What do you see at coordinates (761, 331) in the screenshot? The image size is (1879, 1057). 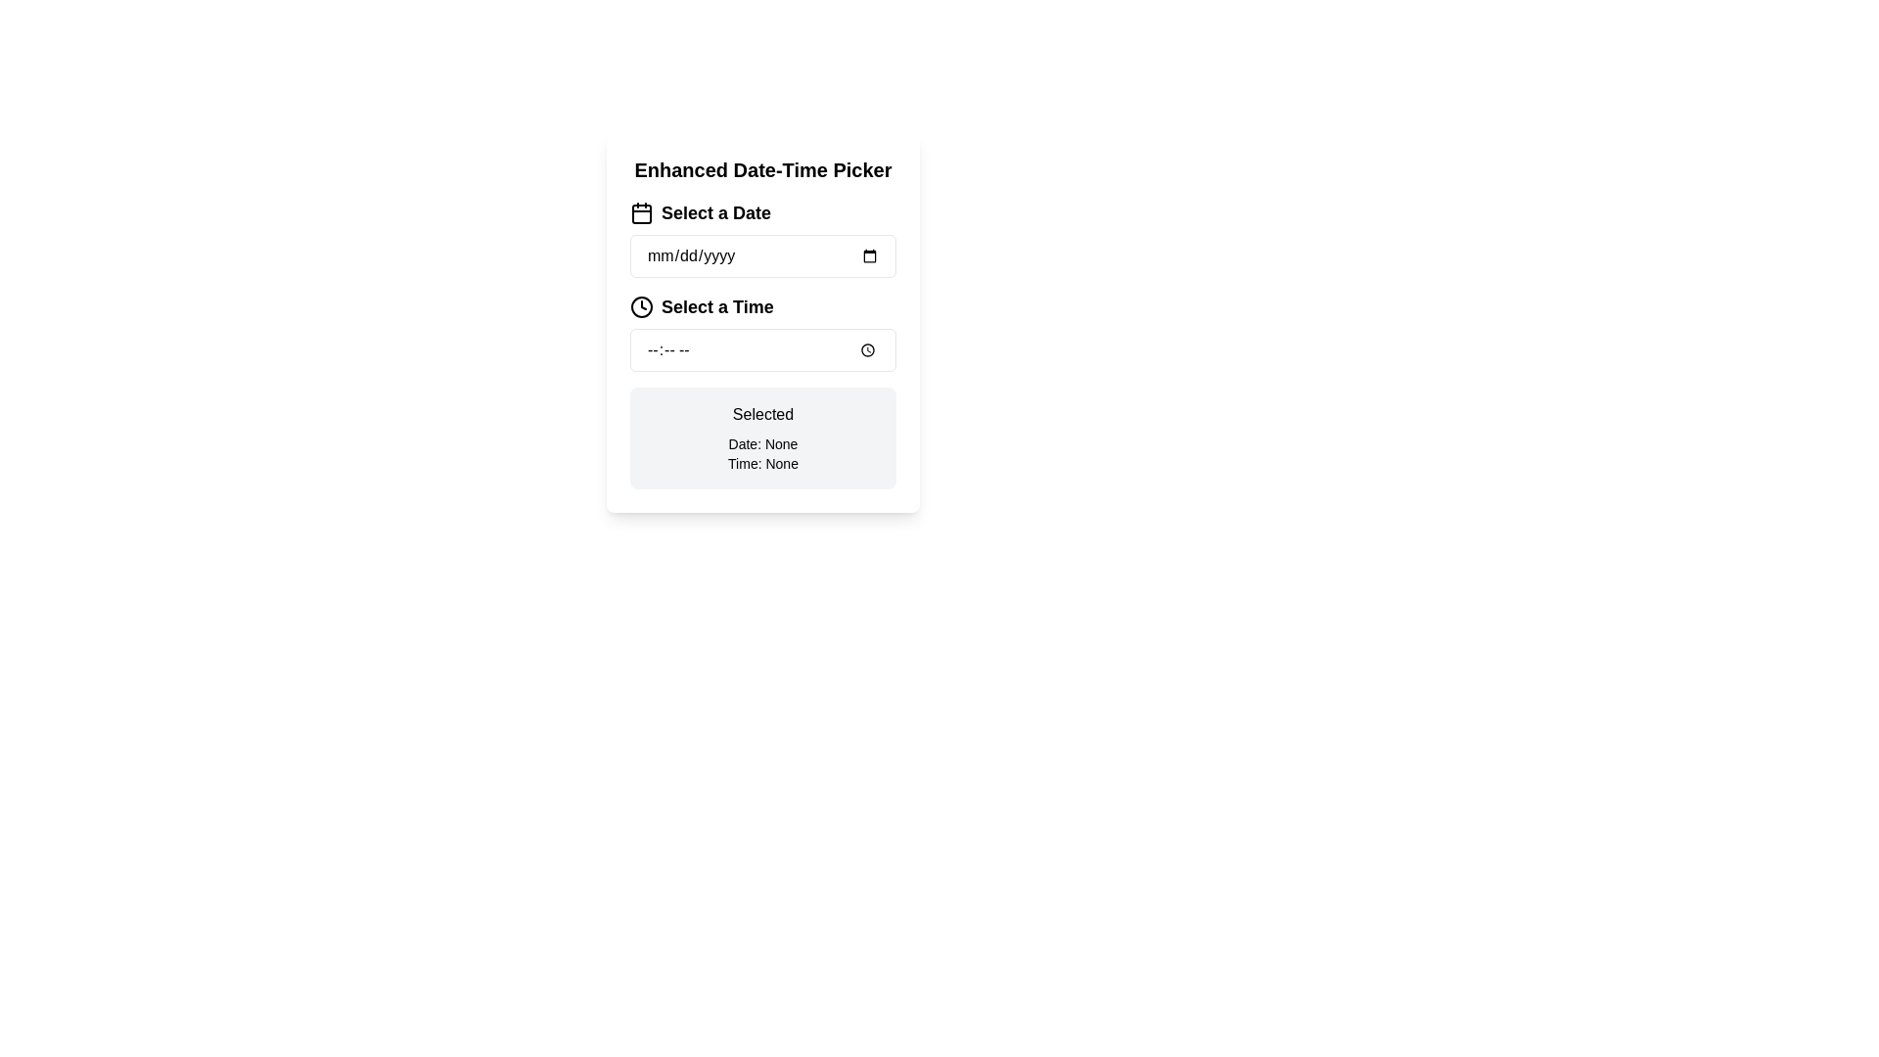 I see `the time picker input field labeled 'Select a Time'` at bounding box center [761, 331].